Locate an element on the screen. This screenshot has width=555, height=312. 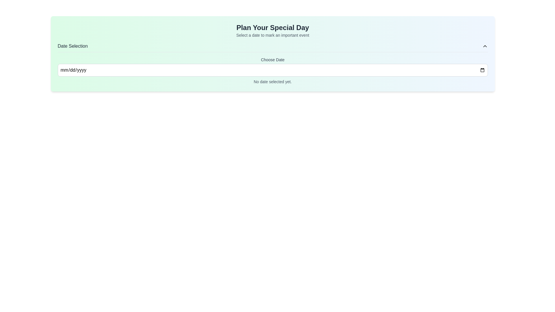
text header that serves as the title for the date selection section, located at the top of a text block above the description 'Select a date to mark an important event' is located at coordinates (272, 28).